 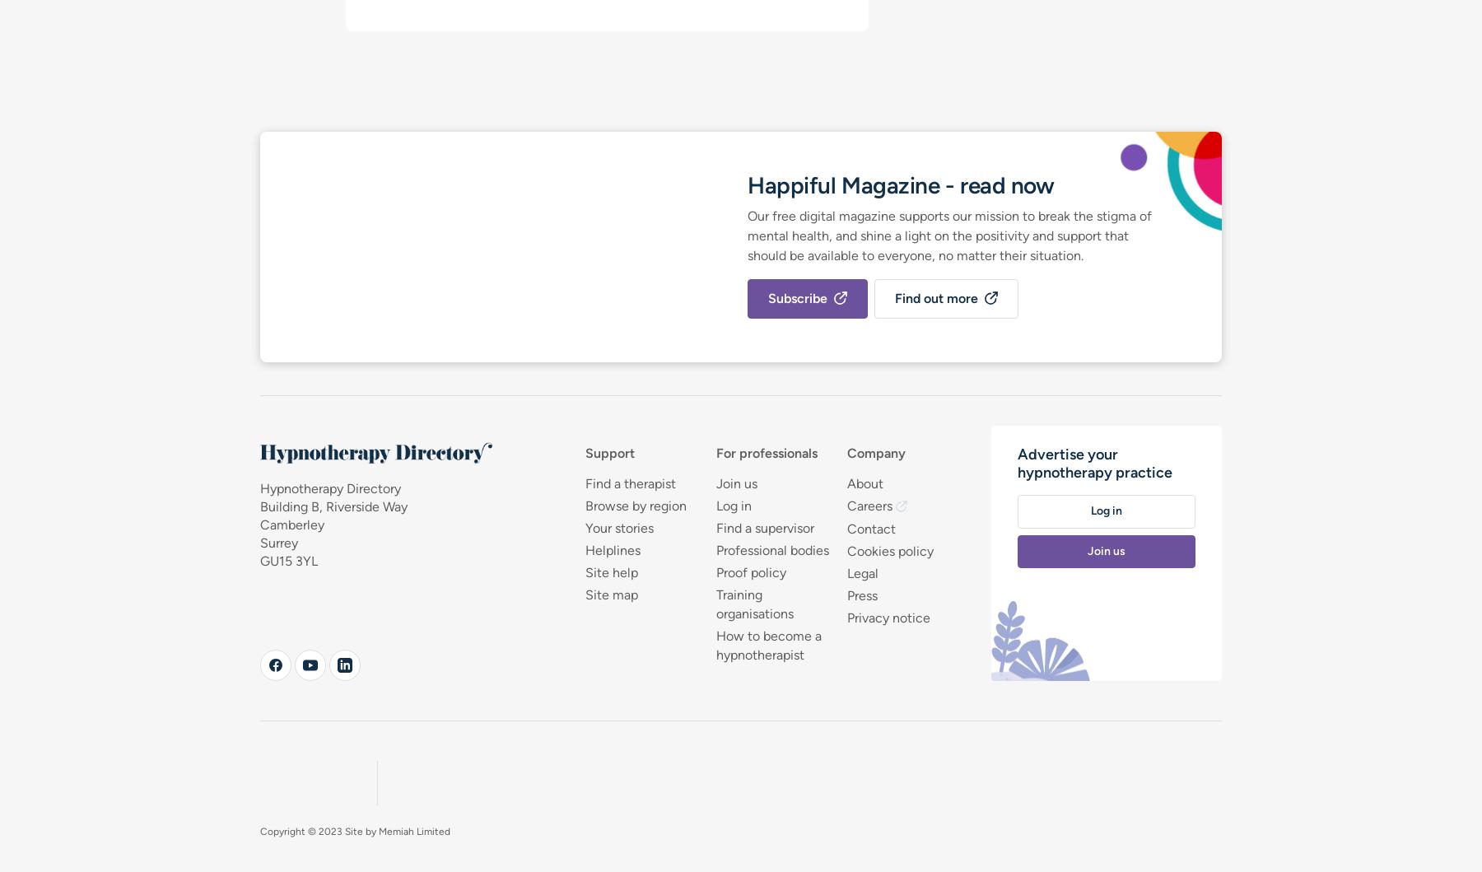 What do you see at coordinates (767, 644) in the screenshot?
I see `'How to become a hypnotherapist'` at bounding box center [767, 644].